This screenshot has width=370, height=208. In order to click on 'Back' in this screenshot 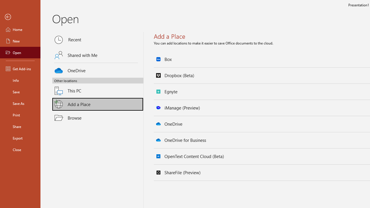, I will do `click(20, 17)`.